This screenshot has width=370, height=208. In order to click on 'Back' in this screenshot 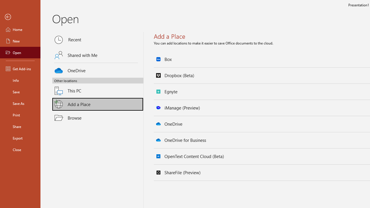, I will do `click(20, 17)`.